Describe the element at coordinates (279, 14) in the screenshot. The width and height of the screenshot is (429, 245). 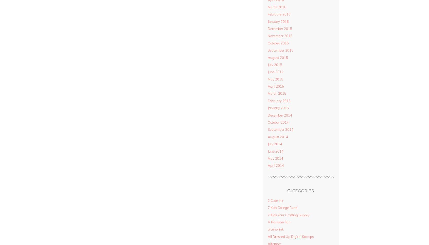
I see `'February 2016'` at that location.